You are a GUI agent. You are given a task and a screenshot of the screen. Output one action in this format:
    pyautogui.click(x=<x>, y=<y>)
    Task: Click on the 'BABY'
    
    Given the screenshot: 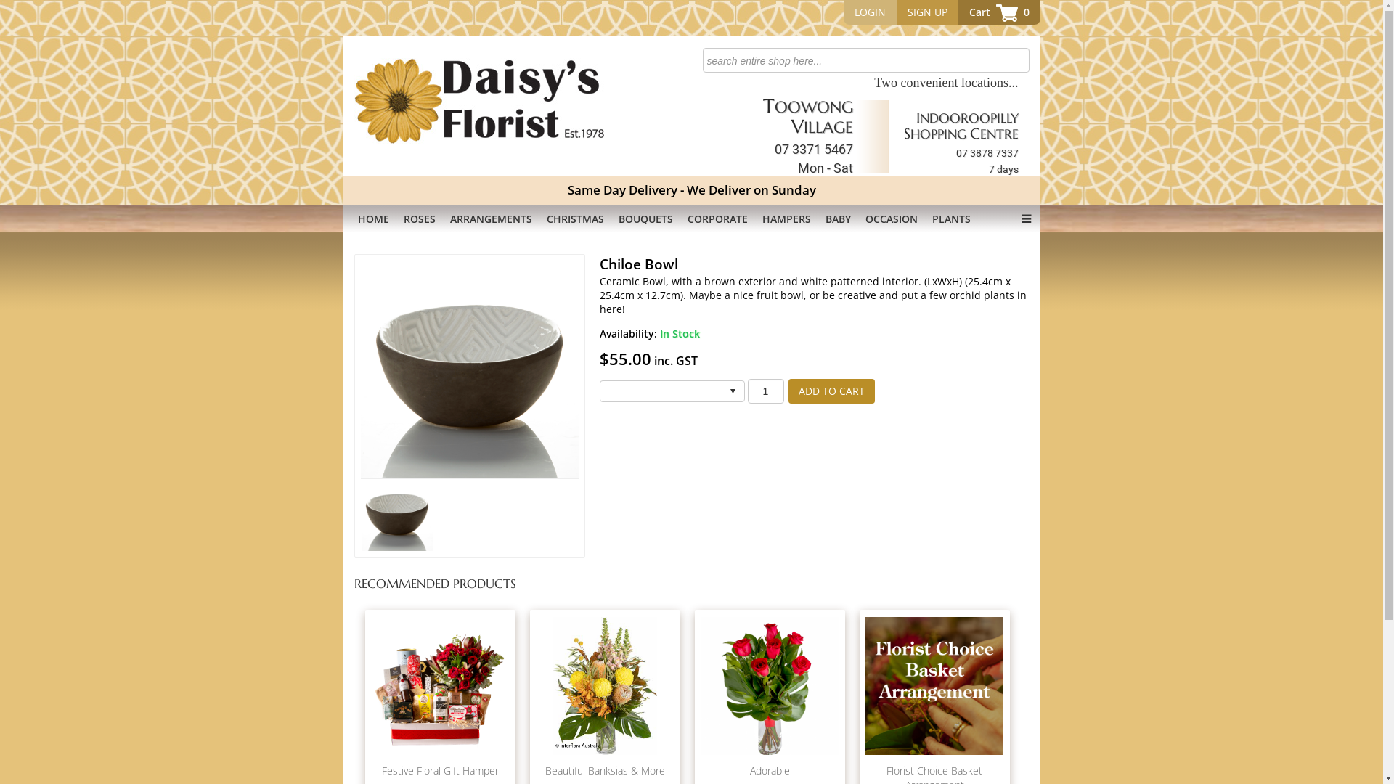 What is the action you would take?
    pyautogui.click(x=837, y=219)
    